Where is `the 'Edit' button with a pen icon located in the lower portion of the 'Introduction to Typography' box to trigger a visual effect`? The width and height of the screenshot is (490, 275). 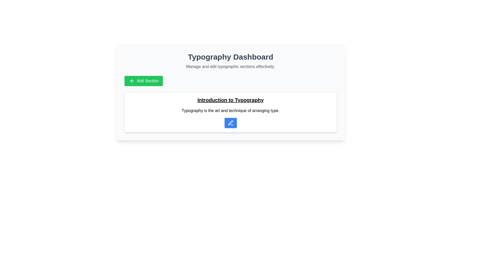
the 'Edit' button with a pen icon located in the lower portion of the 'Introduction to Typography' box to trigger a visual effect is located at coordinates (230, 123).